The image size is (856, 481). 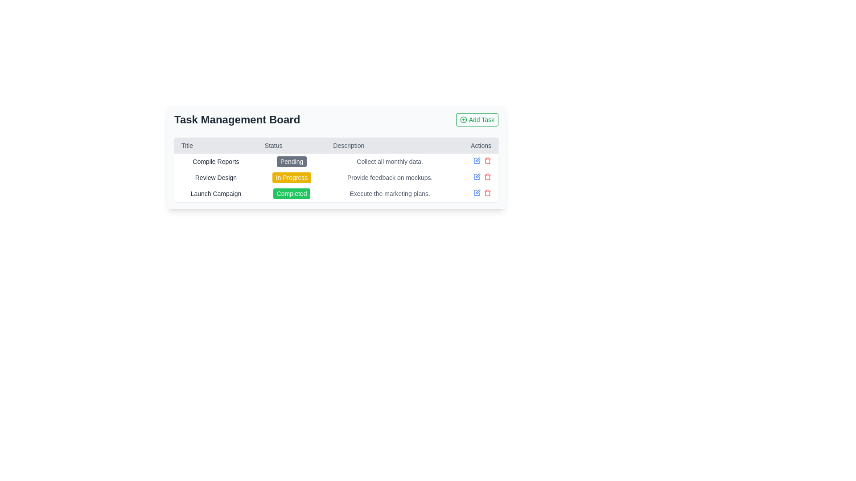 I want to click on the buttons contained within the last column of the 'Launch Campaign' row in the task management table, so click(x=476, y=192).